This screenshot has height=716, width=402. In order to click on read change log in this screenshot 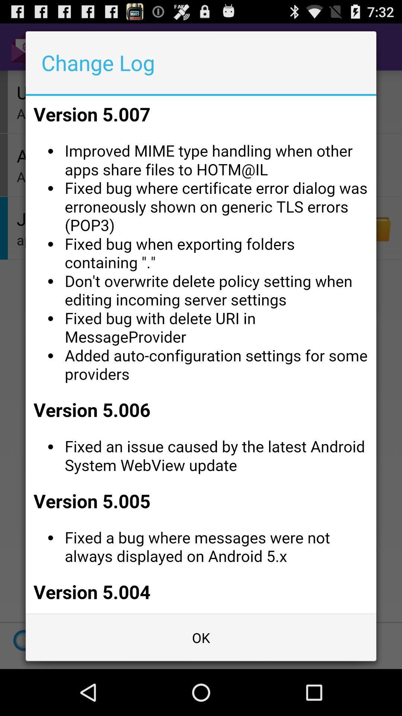, I will do `click(201, 354)`.